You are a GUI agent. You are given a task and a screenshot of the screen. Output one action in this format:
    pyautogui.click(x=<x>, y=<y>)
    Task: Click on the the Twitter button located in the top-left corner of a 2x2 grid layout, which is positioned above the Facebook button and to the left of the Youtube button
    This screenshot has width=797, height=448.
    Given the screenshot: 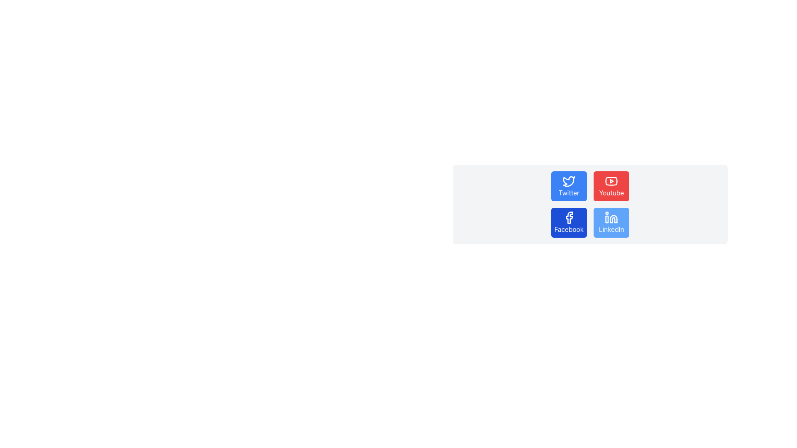 What is the action you would take?
    pyautogui.click(x=568, y=185)
    